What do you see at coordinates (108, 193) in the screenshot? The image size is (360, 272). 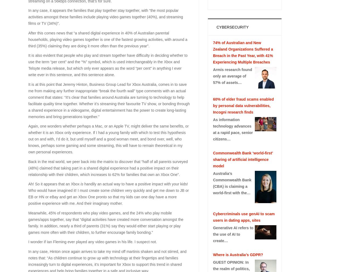 I see `'handily an actual way to have a positive impact with your kids! Who would have imagined it! I must create some children very quickly and get me down to JB or EB or HN or eBay and get an Xbox One pronto so that my kids can one day have a more positive experience with me. And their imaginary mother.'` at bounding box center [108, 193].